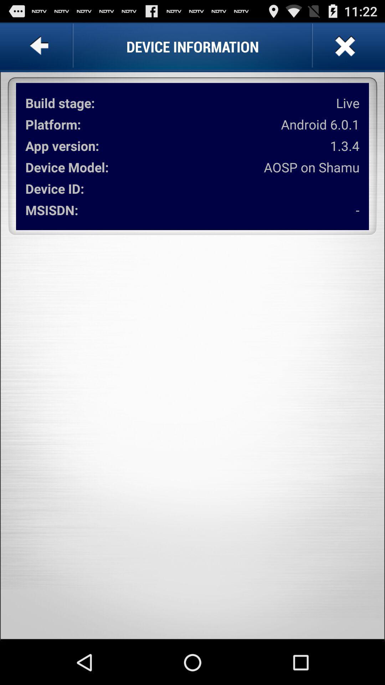  Describe the element at coordinates (41, 46) in the screenshot. I see `go back` at that location.